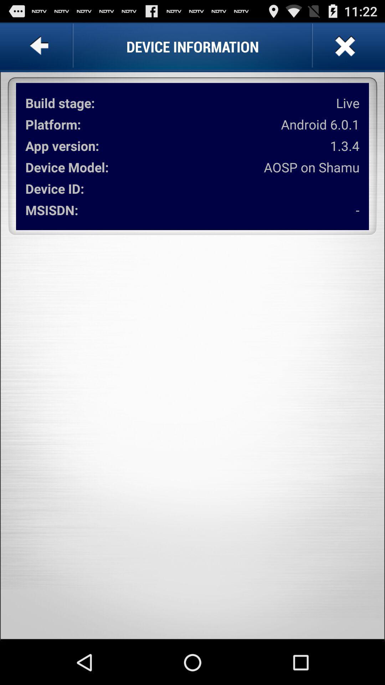  Describe the element at coordinates (41, 46) in the screenshot. I see `go back` at that location.